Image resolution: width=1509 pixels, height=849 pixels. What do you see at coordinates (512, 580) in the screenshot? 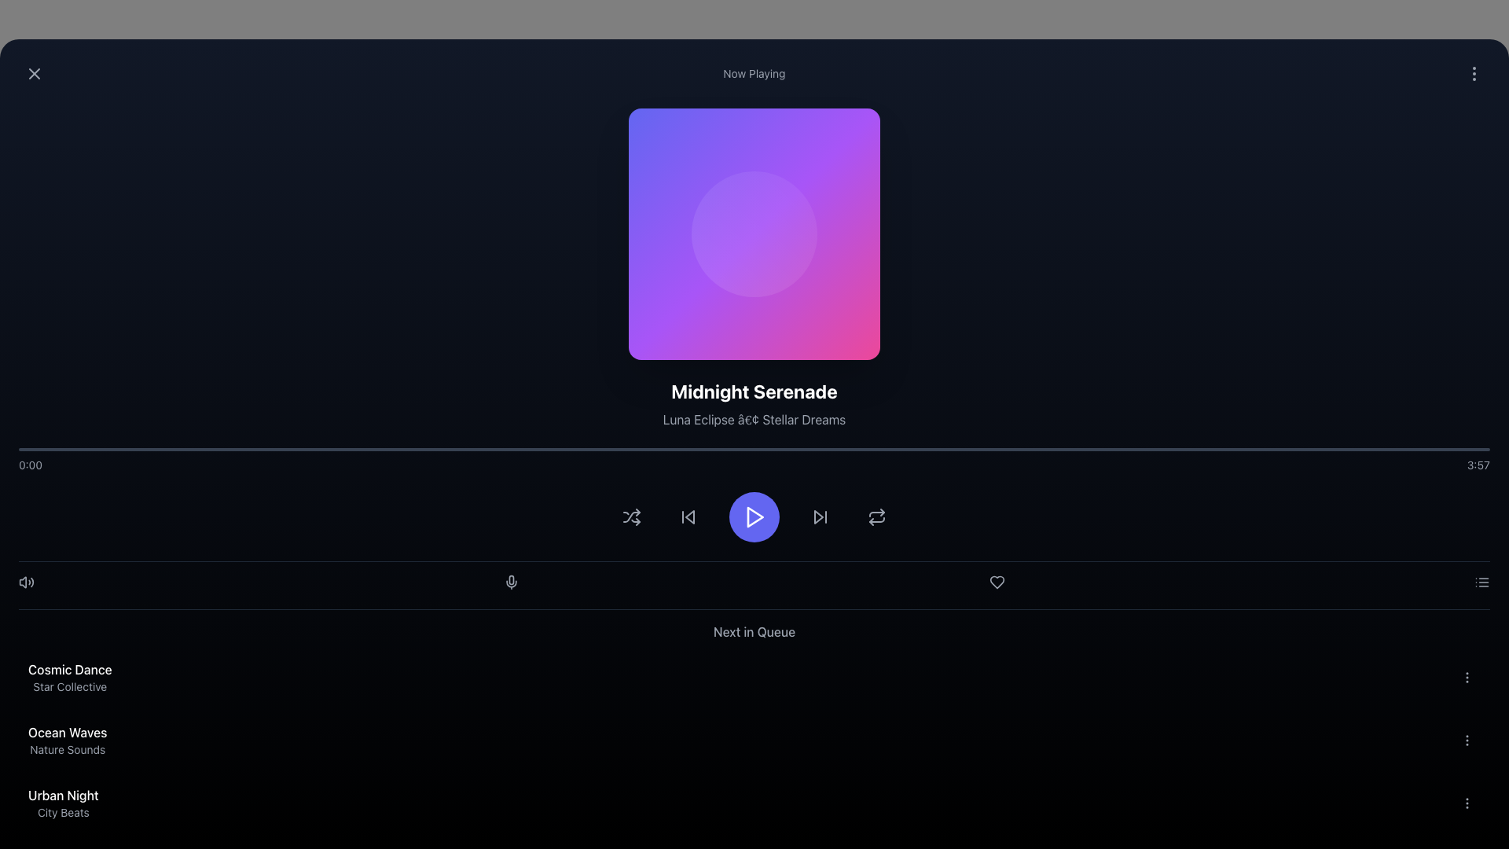
I see `the microphone icon located in the bottom control bar, positioned between the volume indicator and the 'like' icon` at bounding box center [512, 580].